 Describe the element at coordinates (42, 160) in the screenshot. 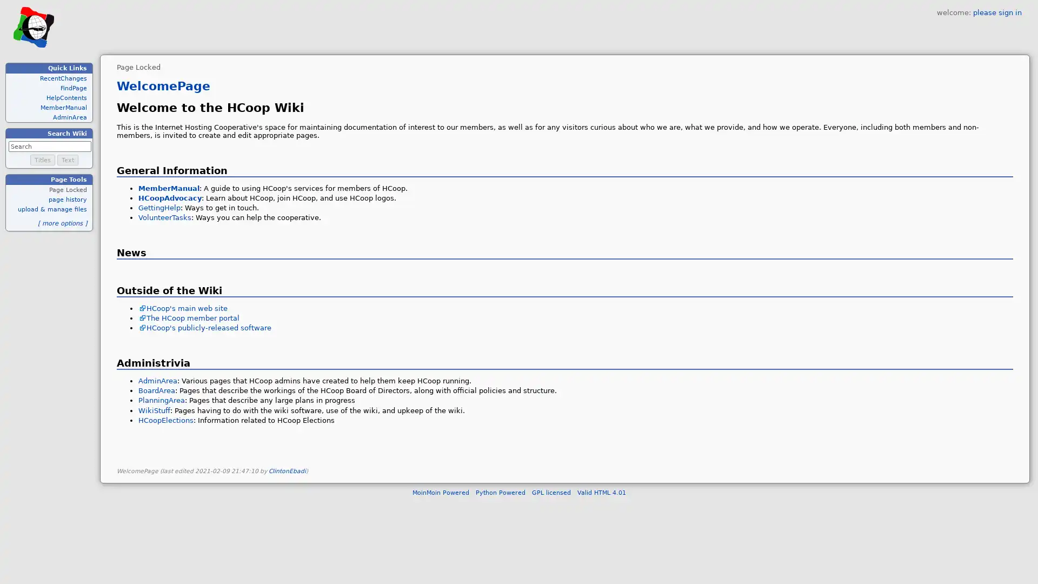

I see `Titles` at that location.